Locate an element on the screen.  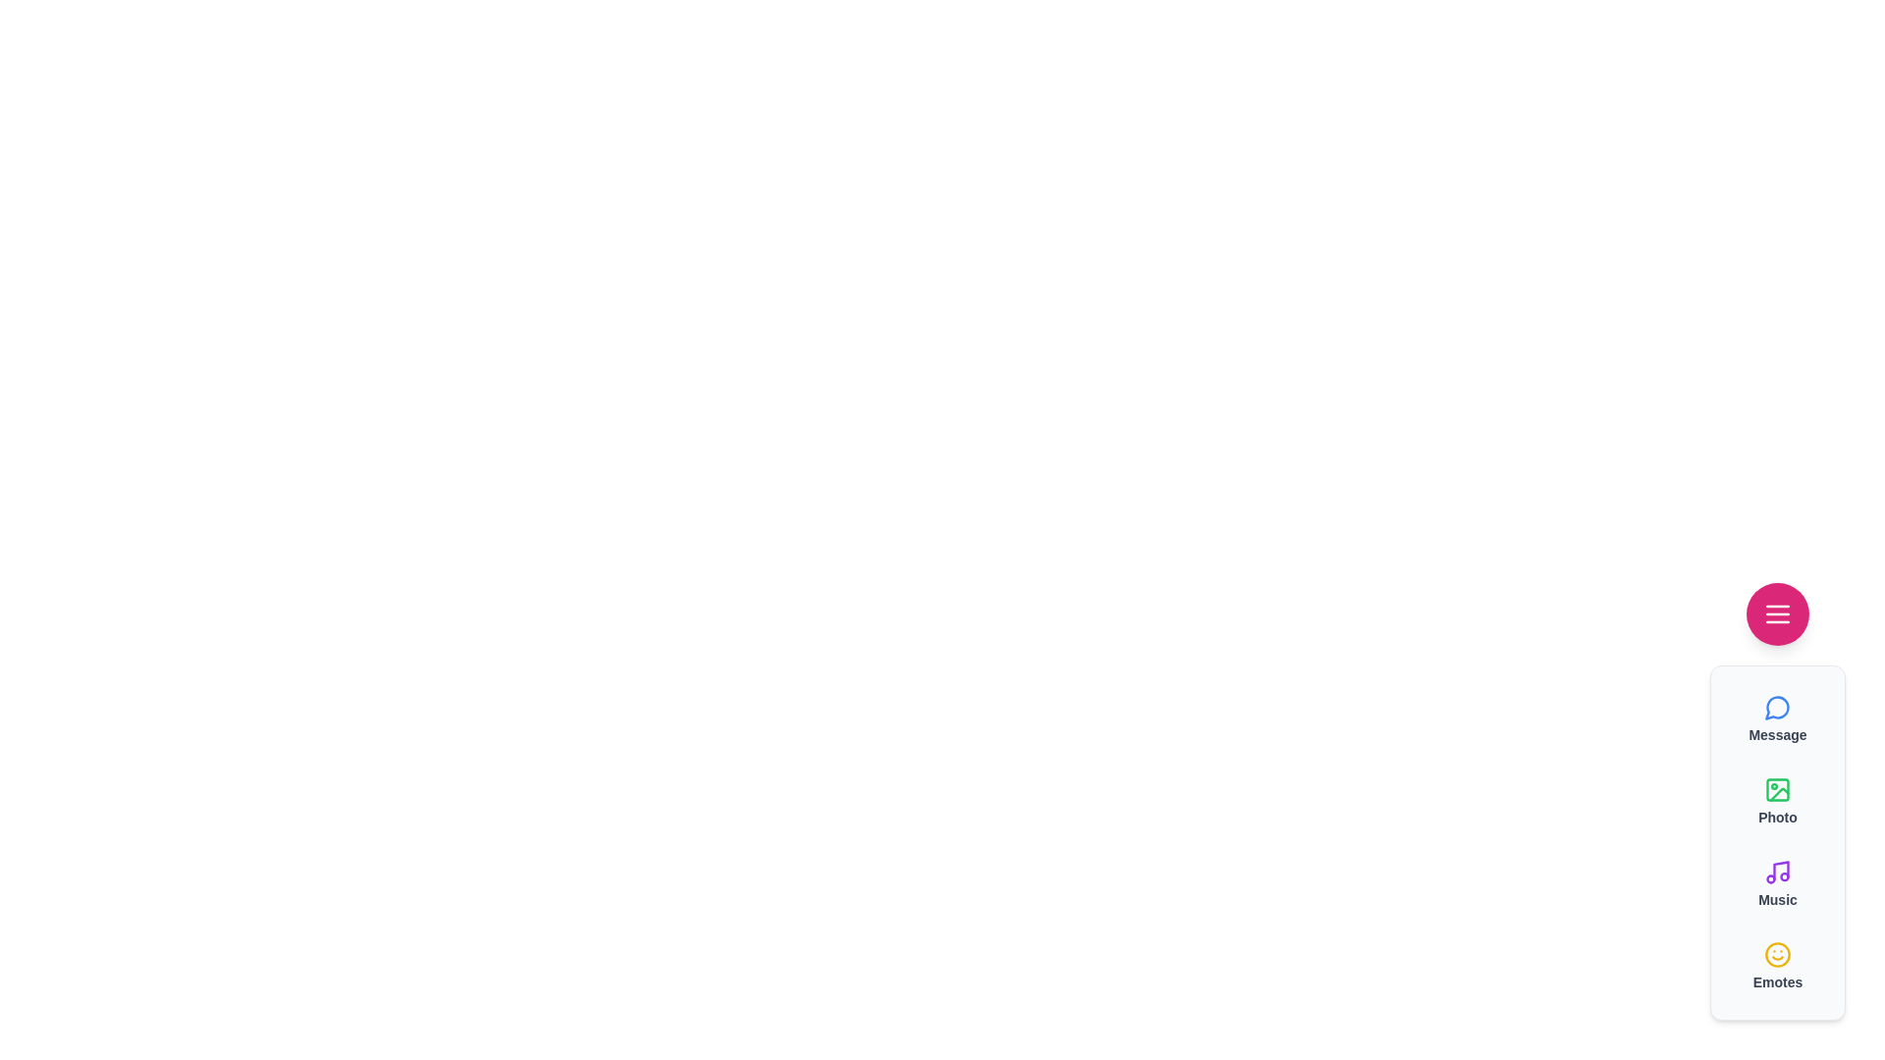
the 'Photo' button is located at coordinates (1777, 802).